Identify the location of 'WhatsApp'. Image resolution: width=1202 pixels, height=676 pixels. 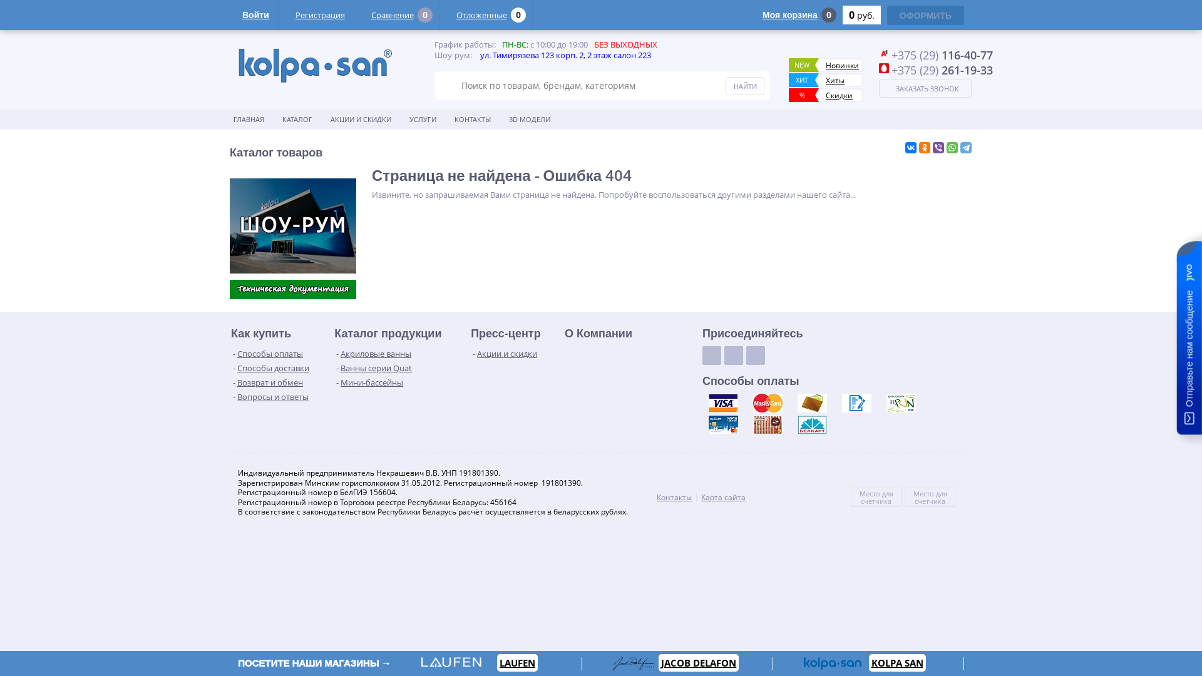
(952, 146).